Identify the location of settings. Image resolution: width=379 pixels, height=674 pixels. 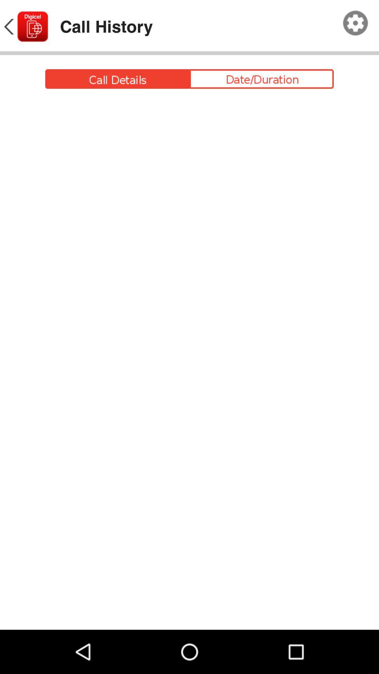
(355, 23).